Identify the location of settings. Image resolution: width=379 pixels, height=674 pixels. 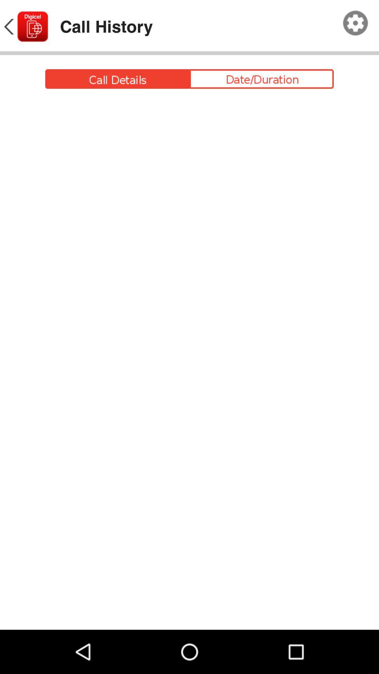
(355, 23).